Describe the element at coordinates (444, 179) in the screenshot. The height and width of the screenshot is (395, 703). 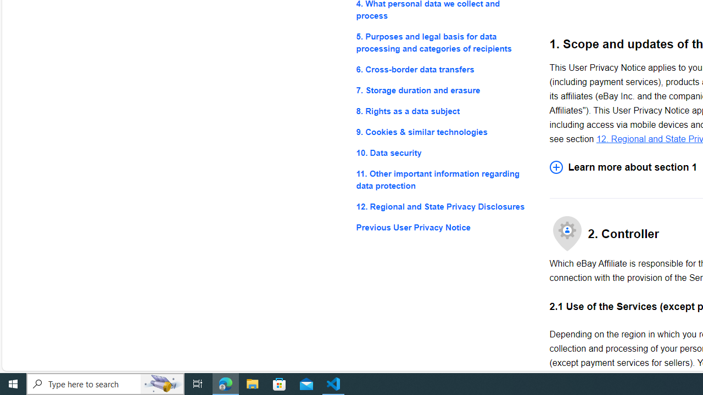
I see `'11. Other important information regarding data protection'` at that location.